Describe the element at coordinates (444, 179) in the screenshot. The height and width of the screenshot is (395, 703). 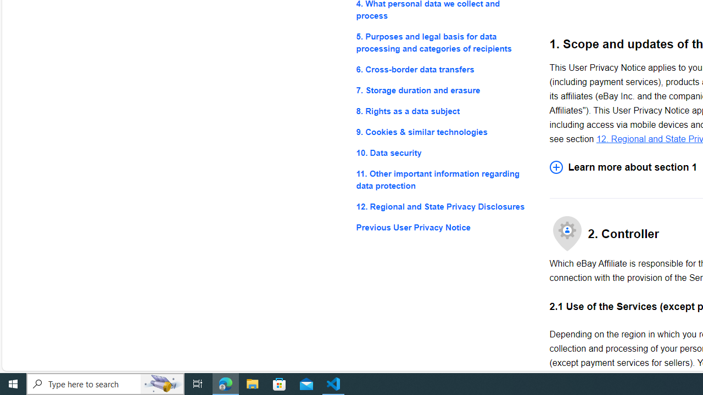
I see `'11. Other important information regarding data protection'` at that location.